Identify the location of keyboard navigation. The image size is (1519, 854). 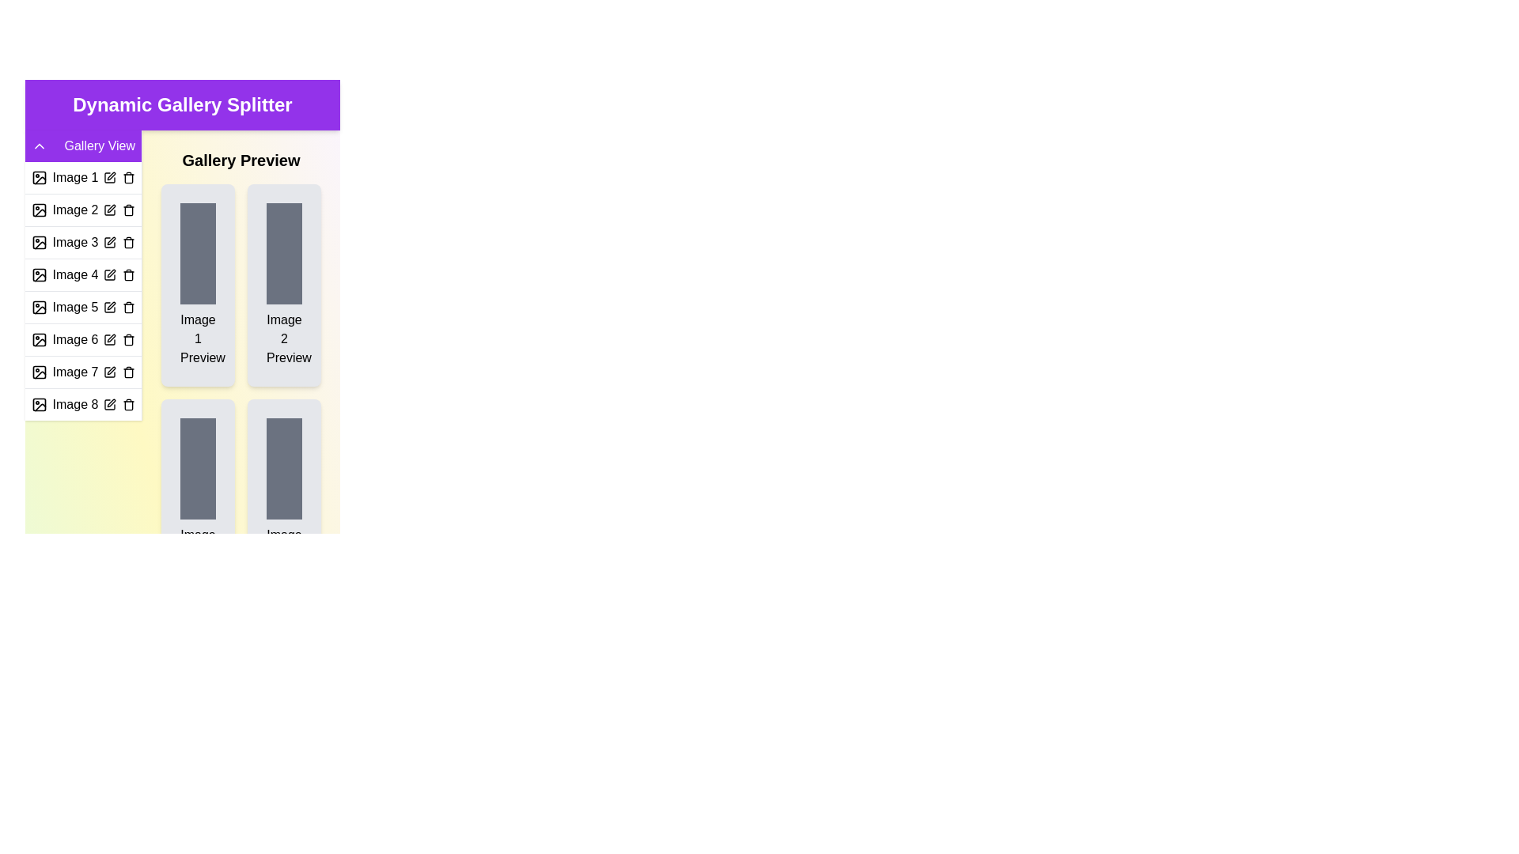
(110, 371).